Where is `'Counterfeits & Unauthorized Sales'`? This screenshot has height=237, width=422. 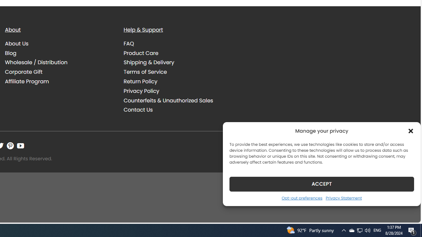 'Counterfeits & Unauthorized Sales' is located at coordinates (168, 100).